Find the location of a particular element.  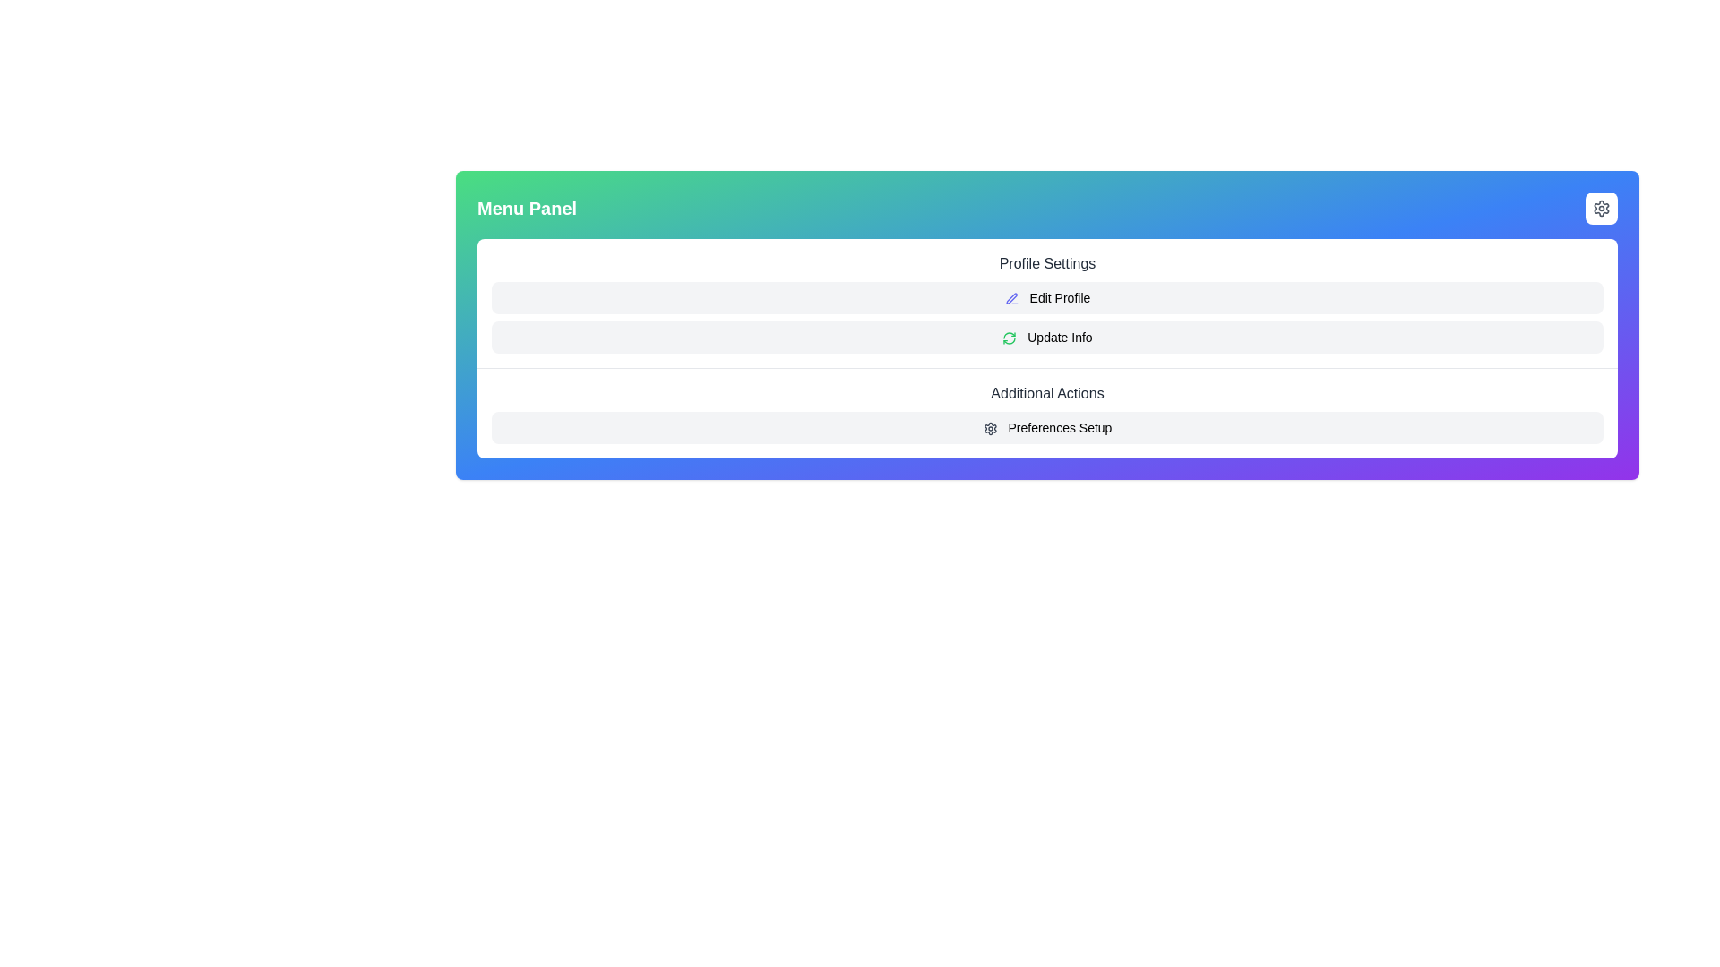

the gear-shaped SVG settings icon located in the top-right corner of the menu panel interface is located at coordinates (1602, 207).